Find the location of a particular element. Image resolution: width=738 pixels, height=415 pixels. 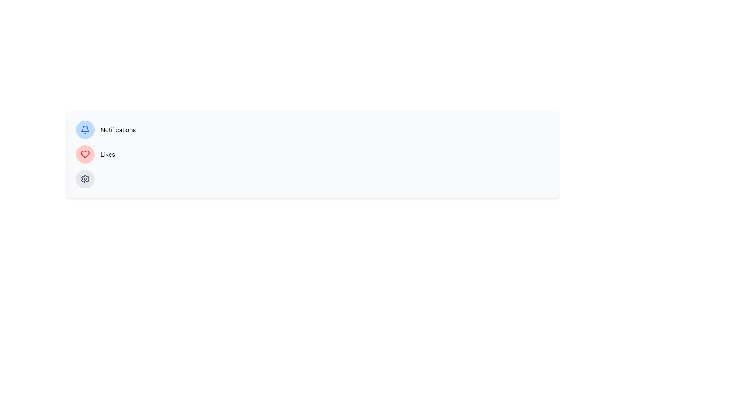

the Settings icon, which is the third item in the vertical list on the left side of the interface, located beneath the Likes and Notifications icons is located at coordinates (85, 179).